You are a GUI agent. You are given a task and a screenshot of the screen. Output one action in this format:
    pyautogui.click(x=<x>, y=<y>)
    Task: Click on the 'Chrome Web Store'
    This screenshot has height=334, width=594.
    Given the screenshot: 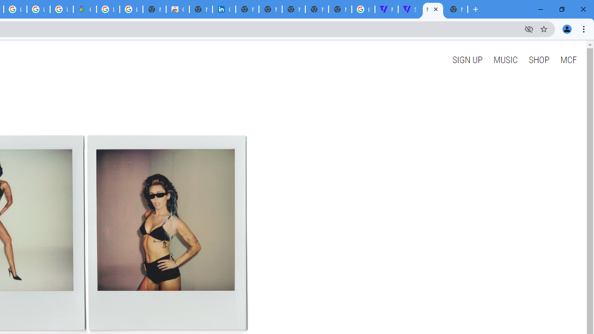 What is the action you would take?
    pyautogui.click(x=178, y=9)
    